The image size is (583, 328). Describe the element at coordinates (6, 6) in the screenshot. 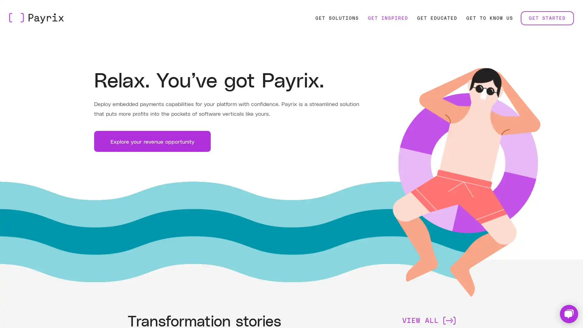

I see `Skip to Main Content` at that location.